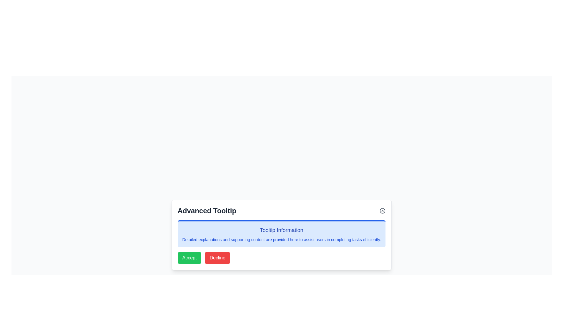 The width and height of the screenshot is (565, 318). Describe the element at coordinates (189, 257) in the screenshot. I see `the approval button located at the bottom of the card beneath the 'Advanced Tooltip' section` at that location.